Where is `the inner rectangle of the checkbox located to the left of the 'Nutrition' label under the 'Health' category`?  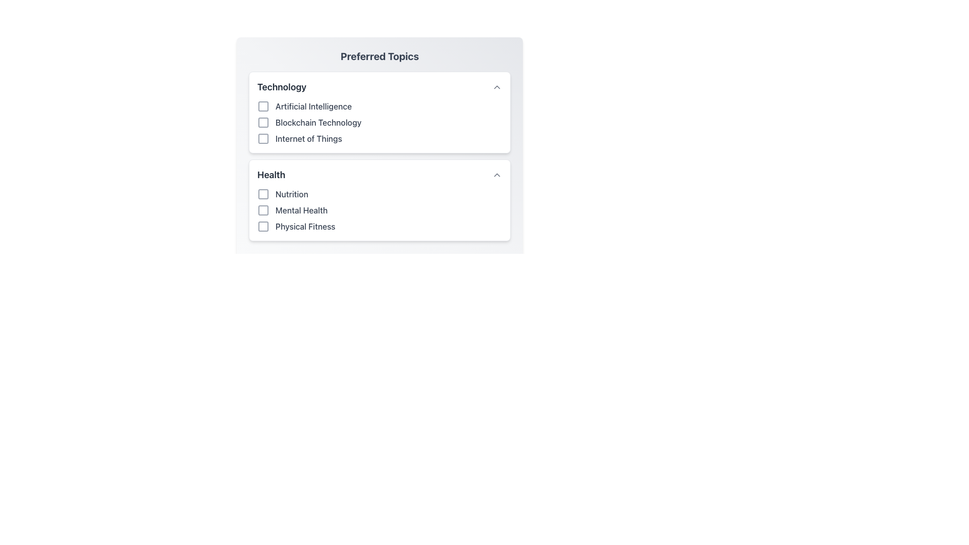
the inner rectangle of the checkbox located to the left of the 'Nutrition' label under the 'Health' category is located at coordinates (263, 194).